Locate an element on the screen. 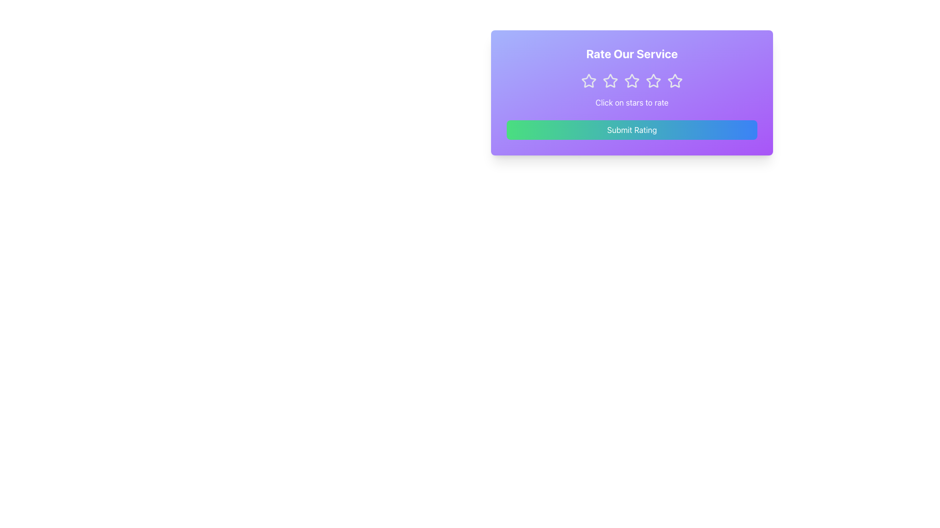 The height and width of the screenshot is (528, 940). the highlighted star icon is located at coordinates (588, 80).